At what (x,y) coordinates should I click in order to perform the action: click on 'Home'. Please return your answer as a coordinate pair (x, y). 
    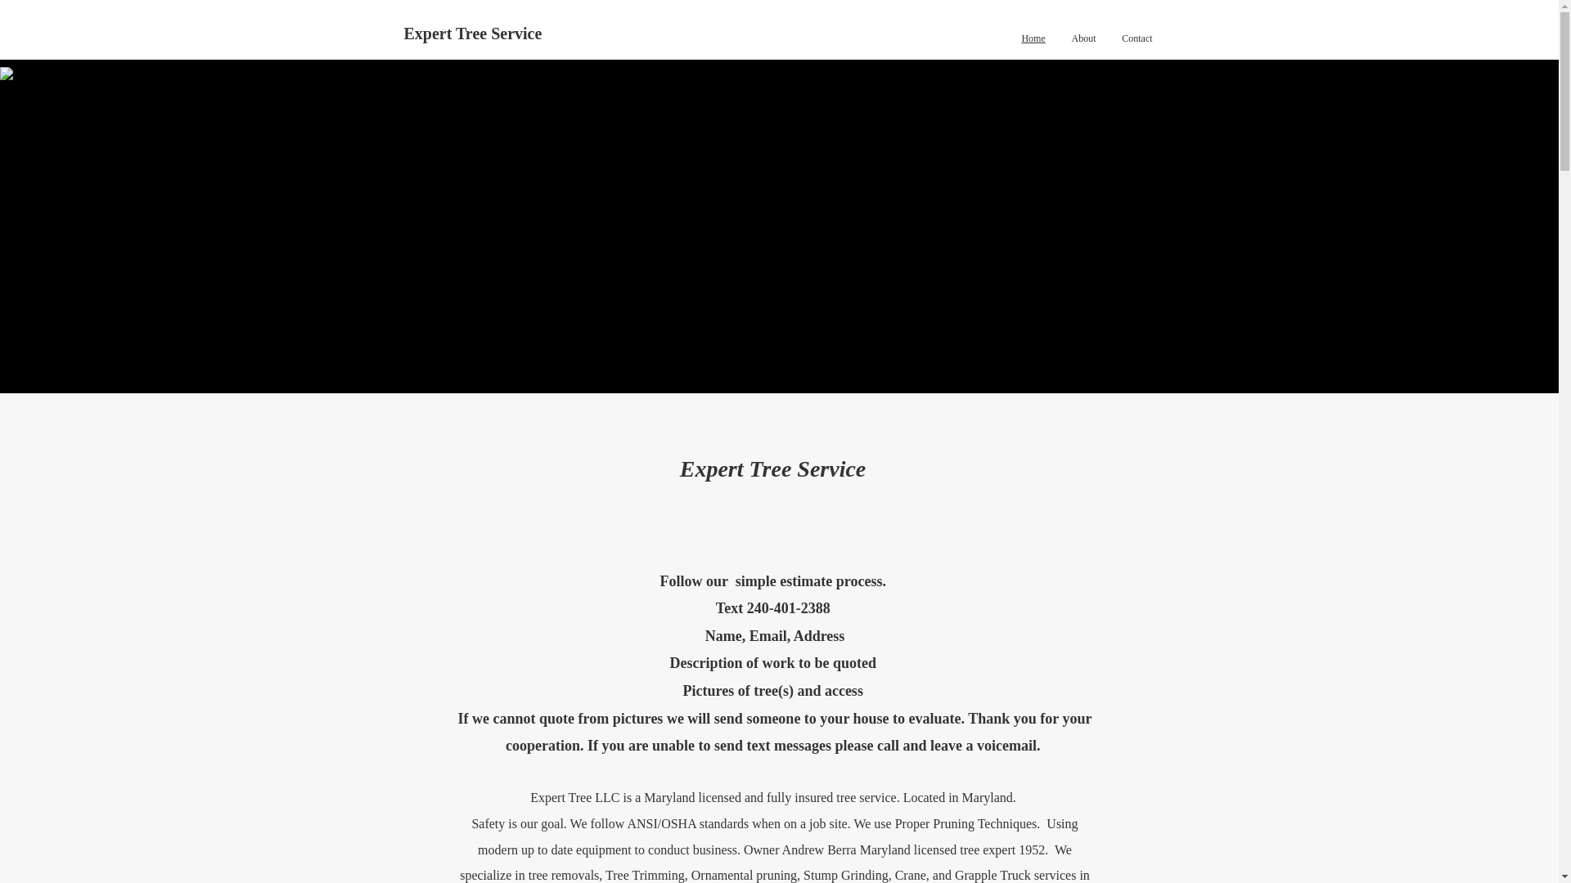
    Looking at the image, I should click on (1032, 37).